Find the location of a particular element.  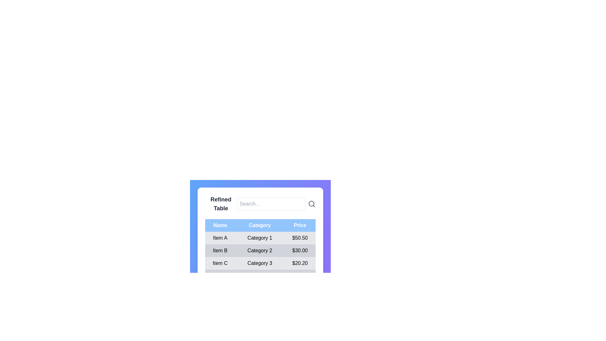

the Table Header Row, which is a horizontal bar with a light blue background containing the text items 'Name,' 'Category,' and 'Price.' is located at coordinates (260, 225).